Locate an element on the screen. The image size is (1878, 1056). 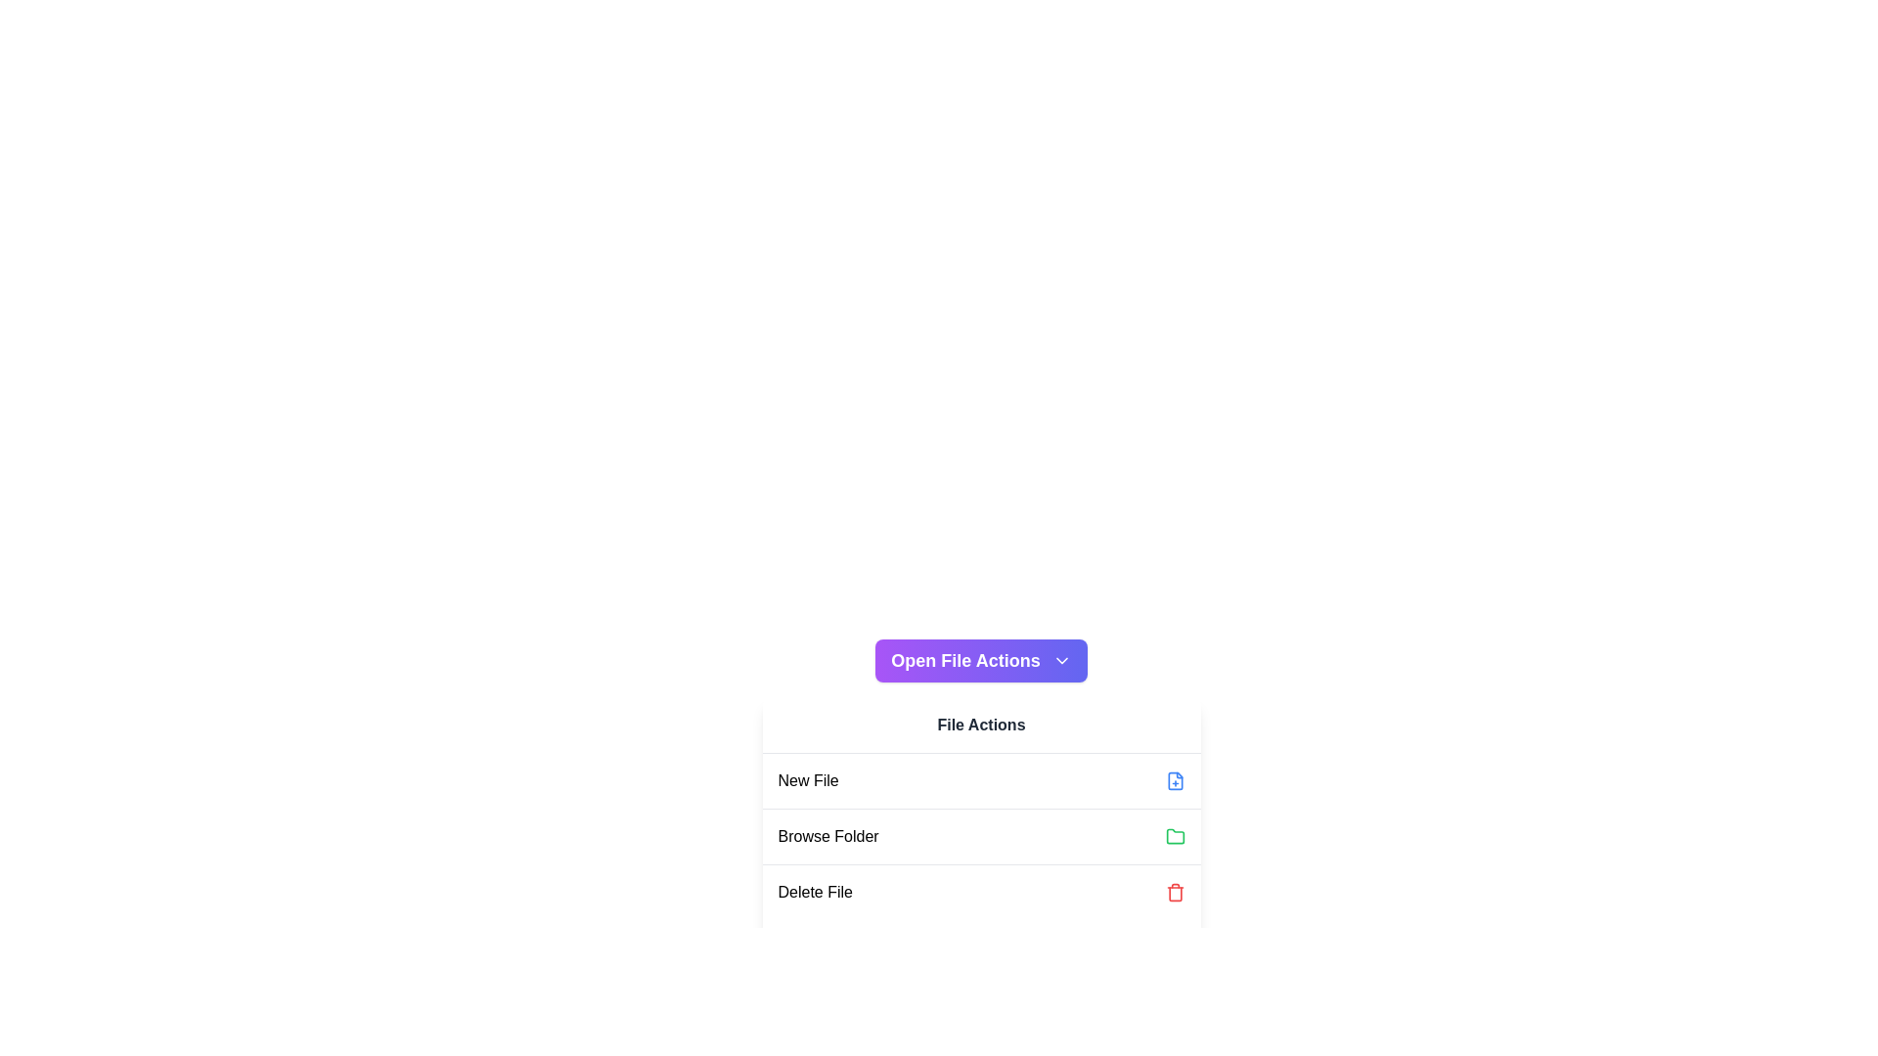
the 'Browse Folder' label which is the second item in the 'File Actions' menu, styled in bold black font and located between 'New File' and 'Delete File' is located at coordinates (828, 836).